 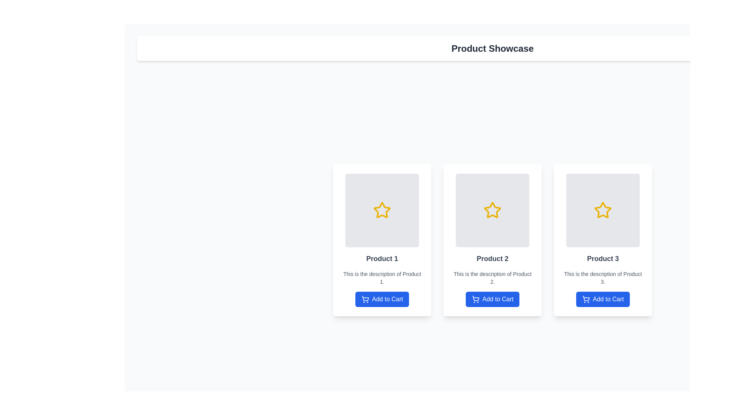 I want to click on the 'Add to Cart' button located at the bottom-center of the 'Product 2' card, so click(x=493, y=299).